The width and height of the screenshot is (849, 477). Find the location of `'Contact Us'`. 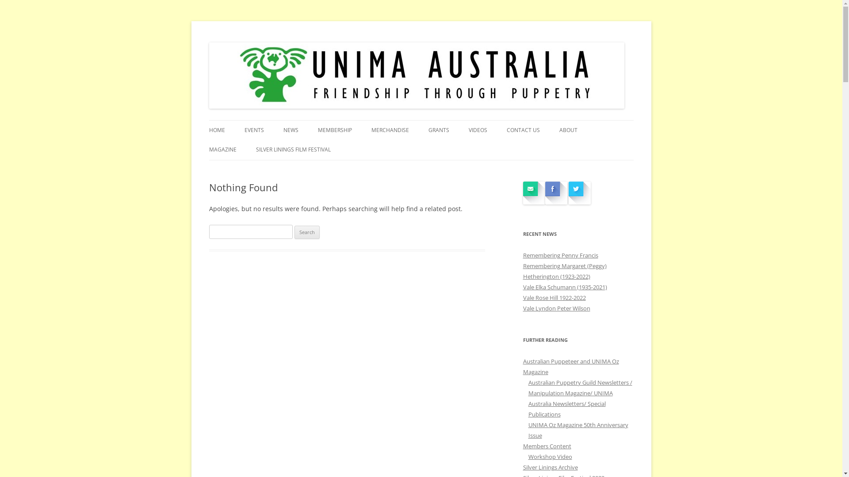

'Contact Us' is located at coordinates (533, 202).